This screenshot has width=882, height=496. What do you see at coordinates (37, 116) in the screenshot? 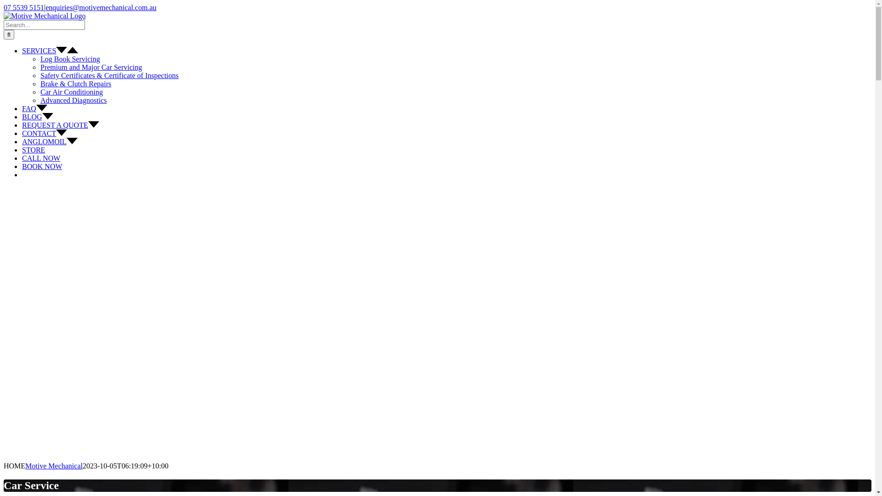
I see `'BLOG'` at bounding box center [37, 116].